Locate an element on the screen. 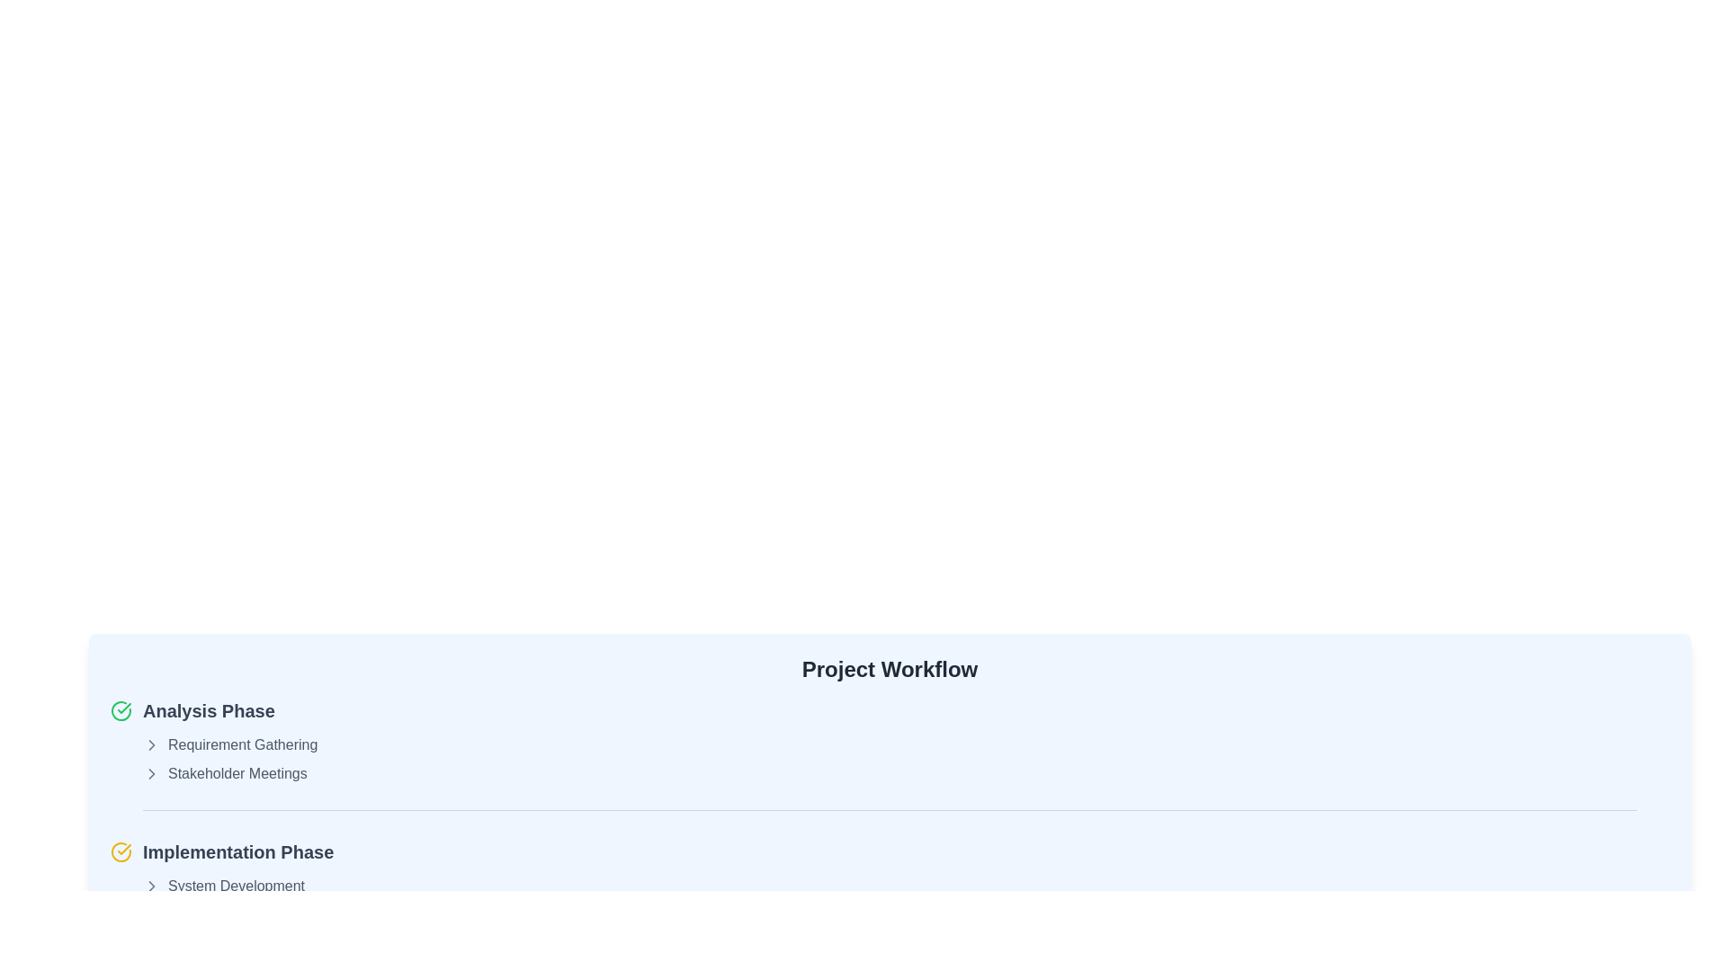  the right-facing chevron icon with a thin stroke and rounded edges, which is is located at coordinates (151, 886).